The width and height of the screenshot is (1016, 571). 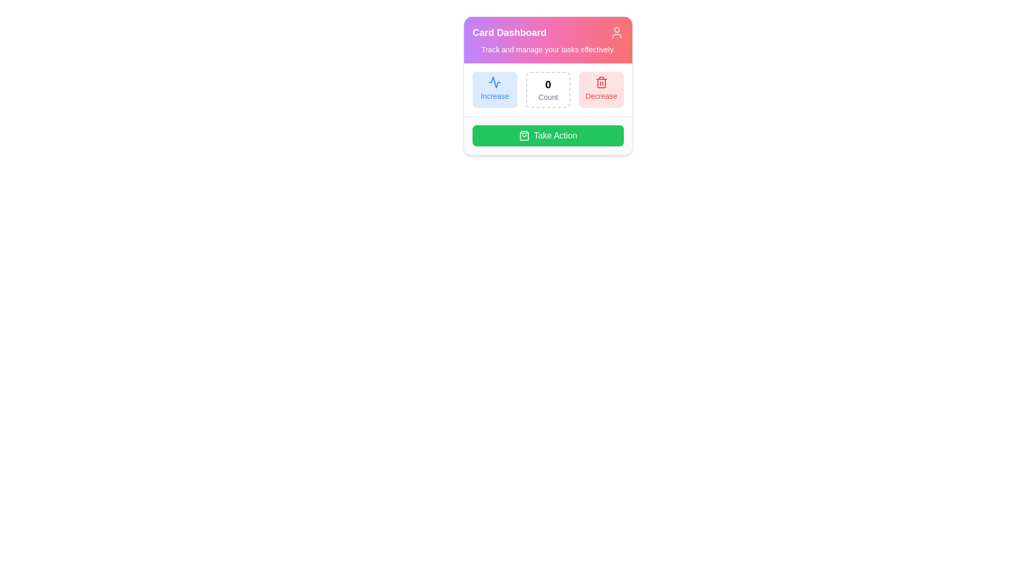 What do you see at coordinates (601, 81) in the screenshot?
I see `the trash can icon located at the top center of the 'Decrease' button, which is part of the user action group including 'Increase' and 'Count'` at bounding box center [601, 81].